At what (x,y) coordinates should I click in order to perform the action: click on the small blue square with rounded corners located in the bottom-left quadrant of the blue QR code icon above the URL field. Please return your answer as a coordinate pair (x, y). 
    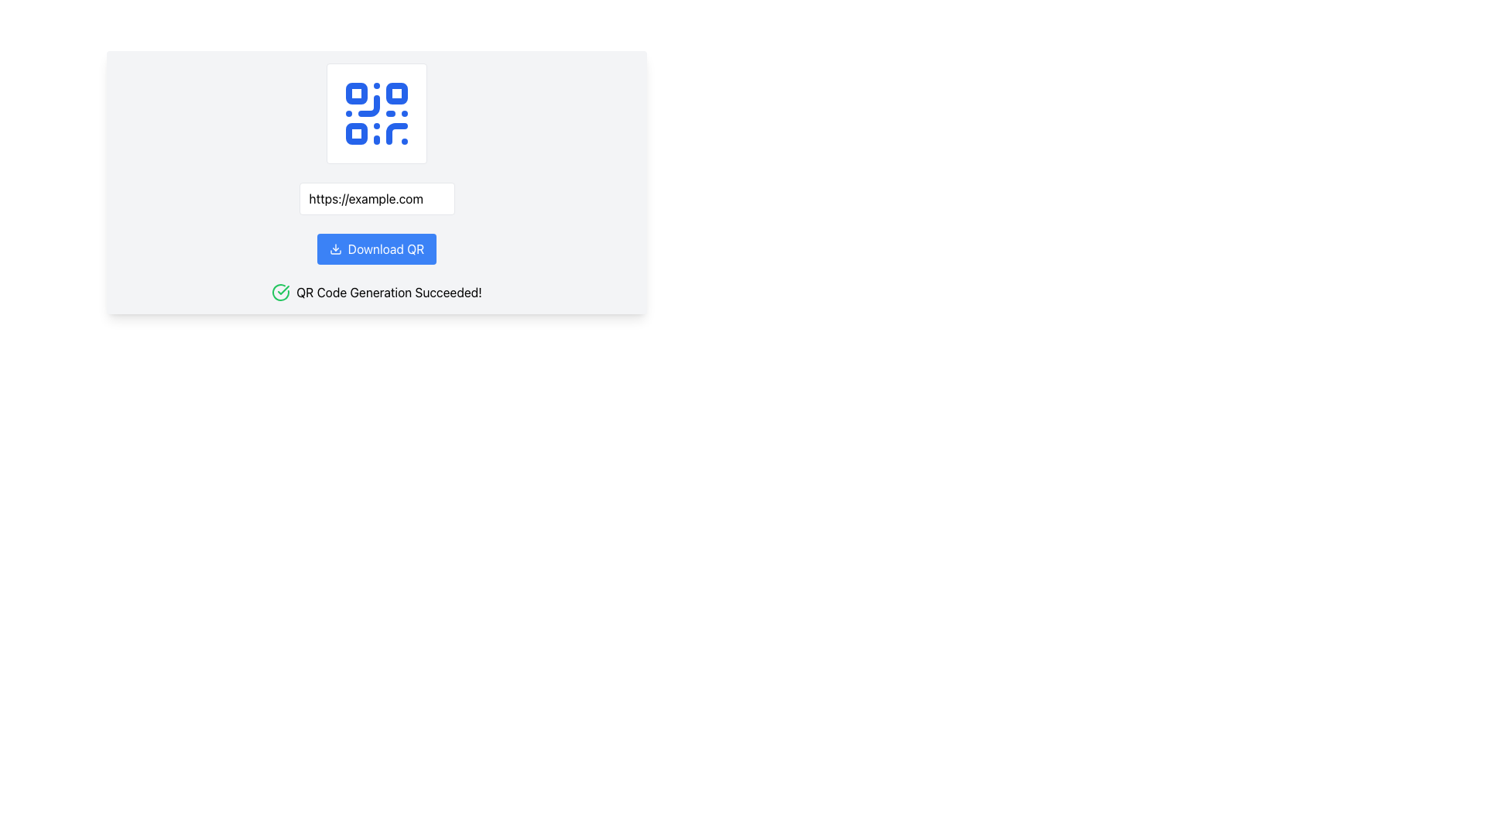
    Looking at the image, I should click on (355, 133).